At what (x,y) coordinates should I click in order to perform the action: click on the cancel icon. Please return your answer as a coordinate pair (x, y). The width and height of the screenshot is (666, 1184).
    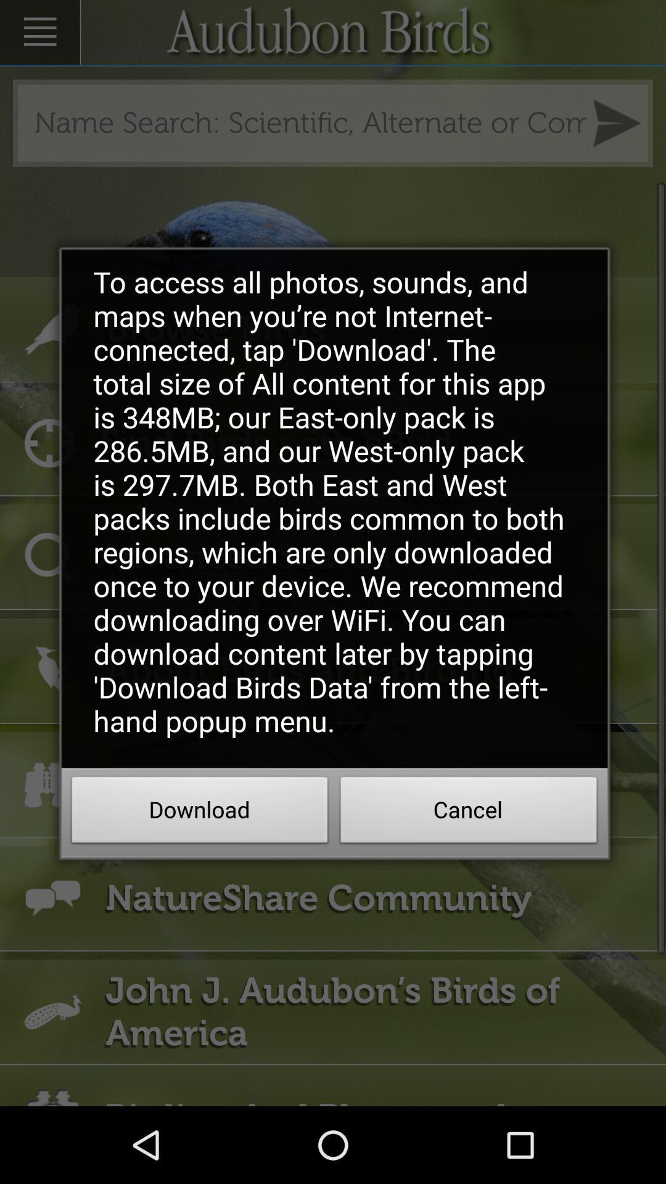
    Looking at the image, I should click on (469, 813).